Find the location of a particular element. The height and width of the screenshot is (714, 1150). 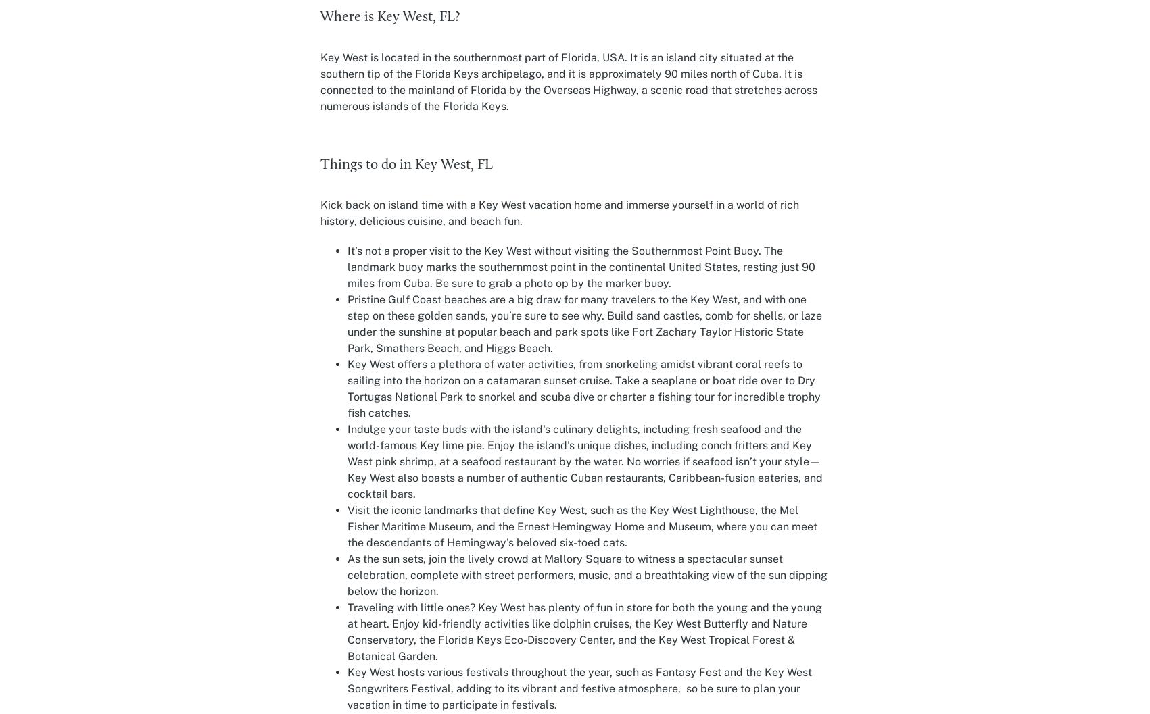

'Where is Key West, FL?' is located at coordinates (389, 17).